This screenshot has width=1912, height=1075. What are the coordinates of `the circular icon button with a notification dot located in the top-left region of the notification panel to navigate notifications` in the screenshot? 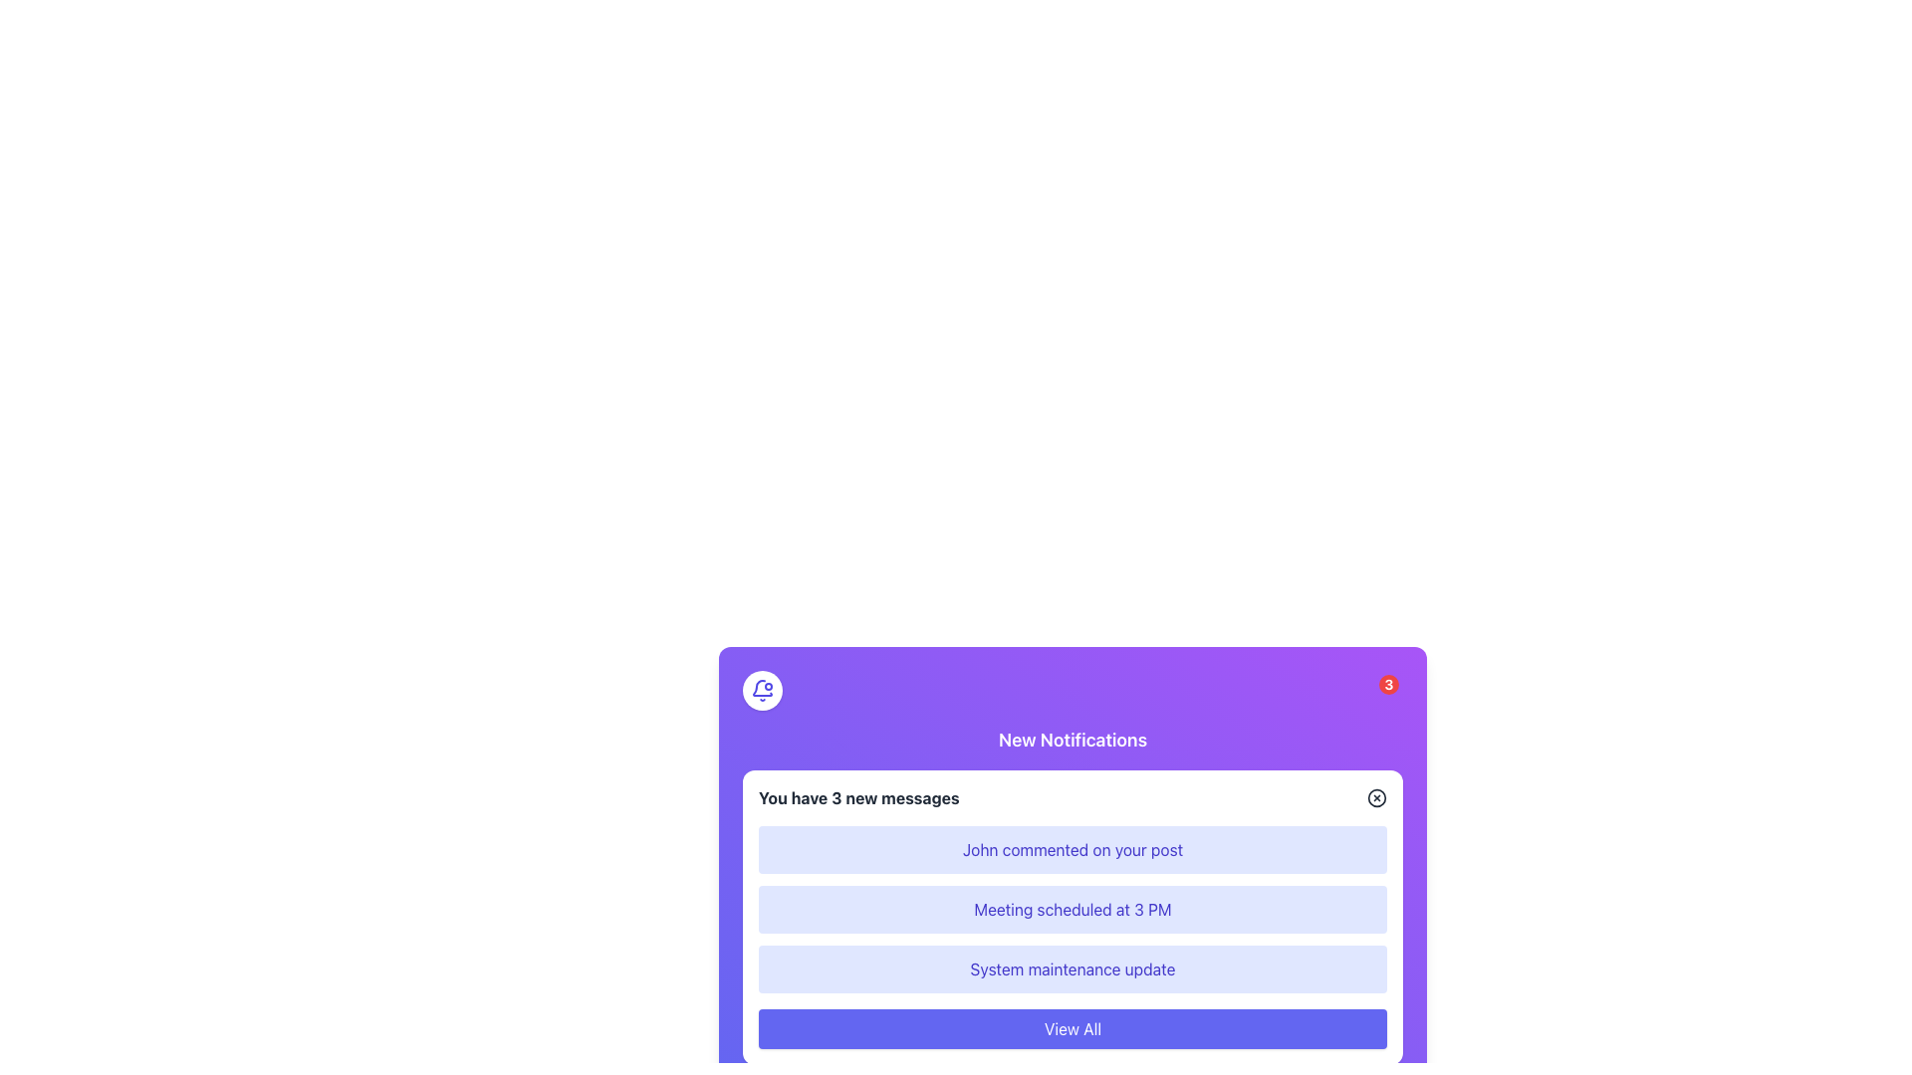 It's located at (762, 690).